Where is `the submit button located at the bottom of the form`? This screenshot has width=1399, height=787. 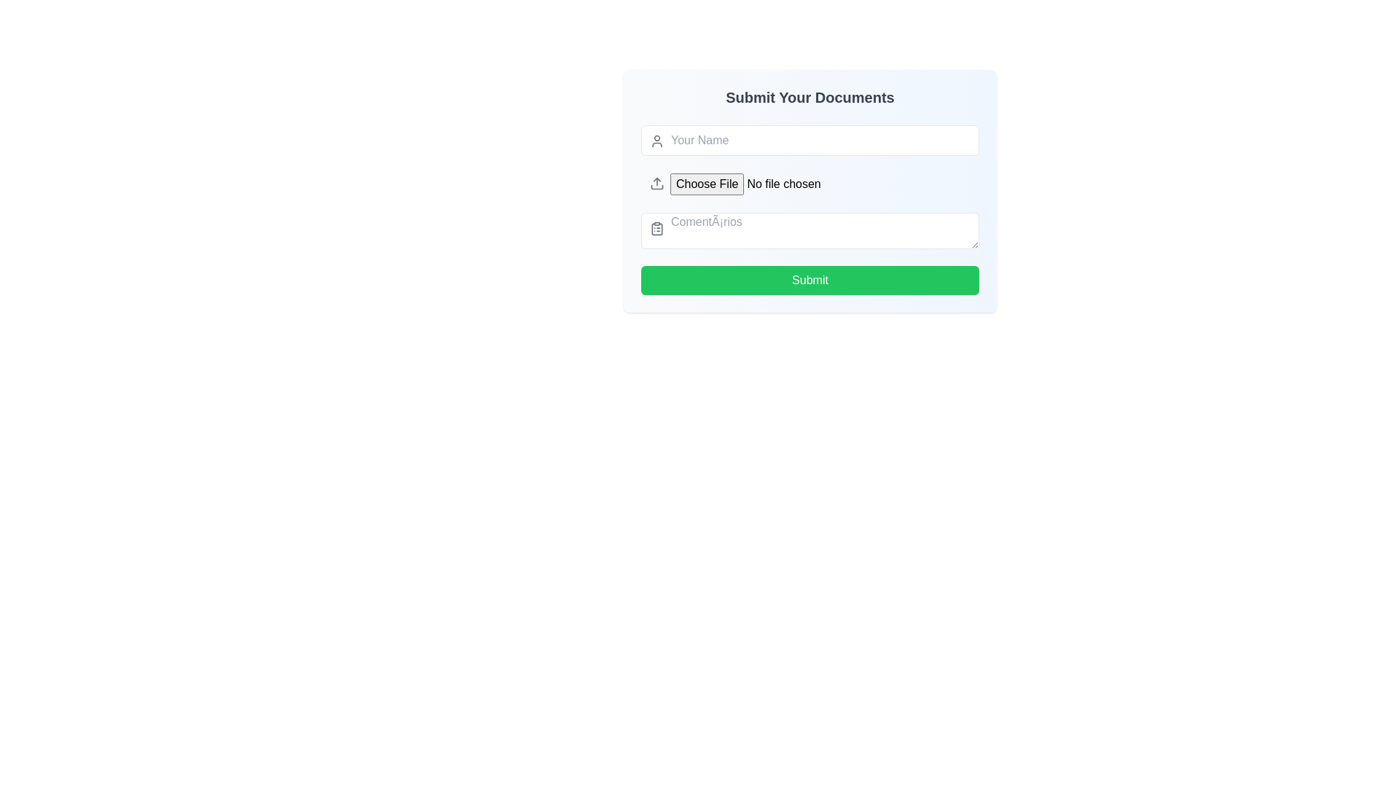
the submit button located at the bottom of the form is located at coordinates (810, 281).